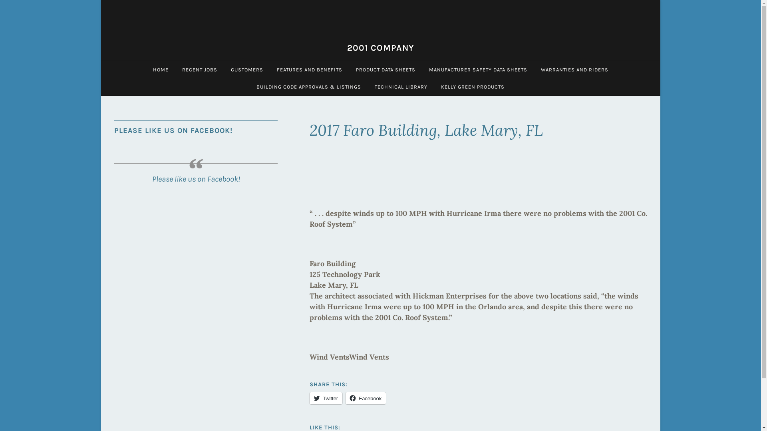  What do you see at coordinates (477, 69) in the screenshot?
I see `'MANUFACTURER SAFETY DATA SHEETS'` at bounding box center [477, 69].